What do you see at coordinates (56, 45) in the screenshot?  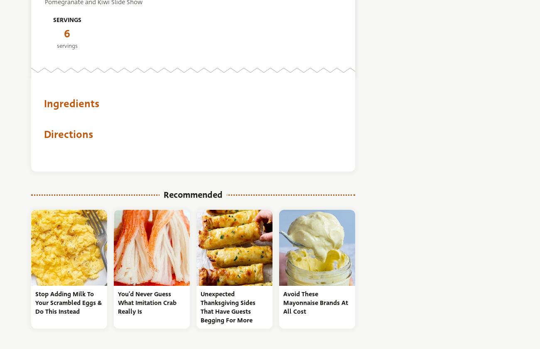 I see `'servings'` at bounding box center [56, 45].